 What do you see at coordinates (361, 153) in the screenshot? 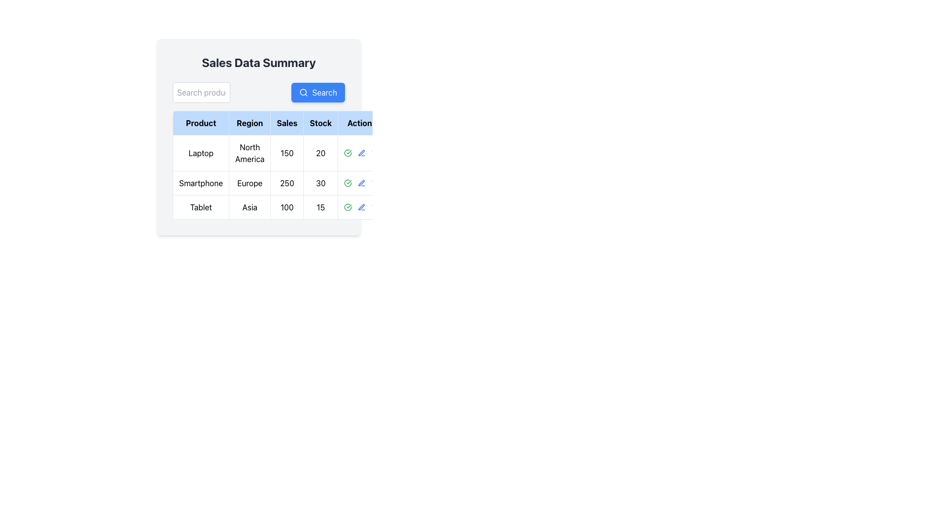
I see `the edit icon button located in the 'Action' column of the third row corresponding to the 'Tablet' product` at bounding box center [361, 153].